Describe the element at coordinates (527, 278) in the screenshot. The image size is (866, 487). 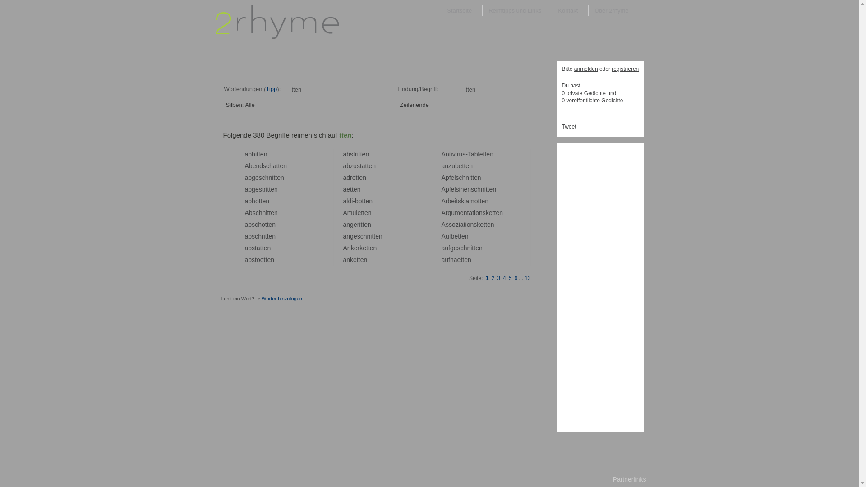
I see `'13'` at that location.